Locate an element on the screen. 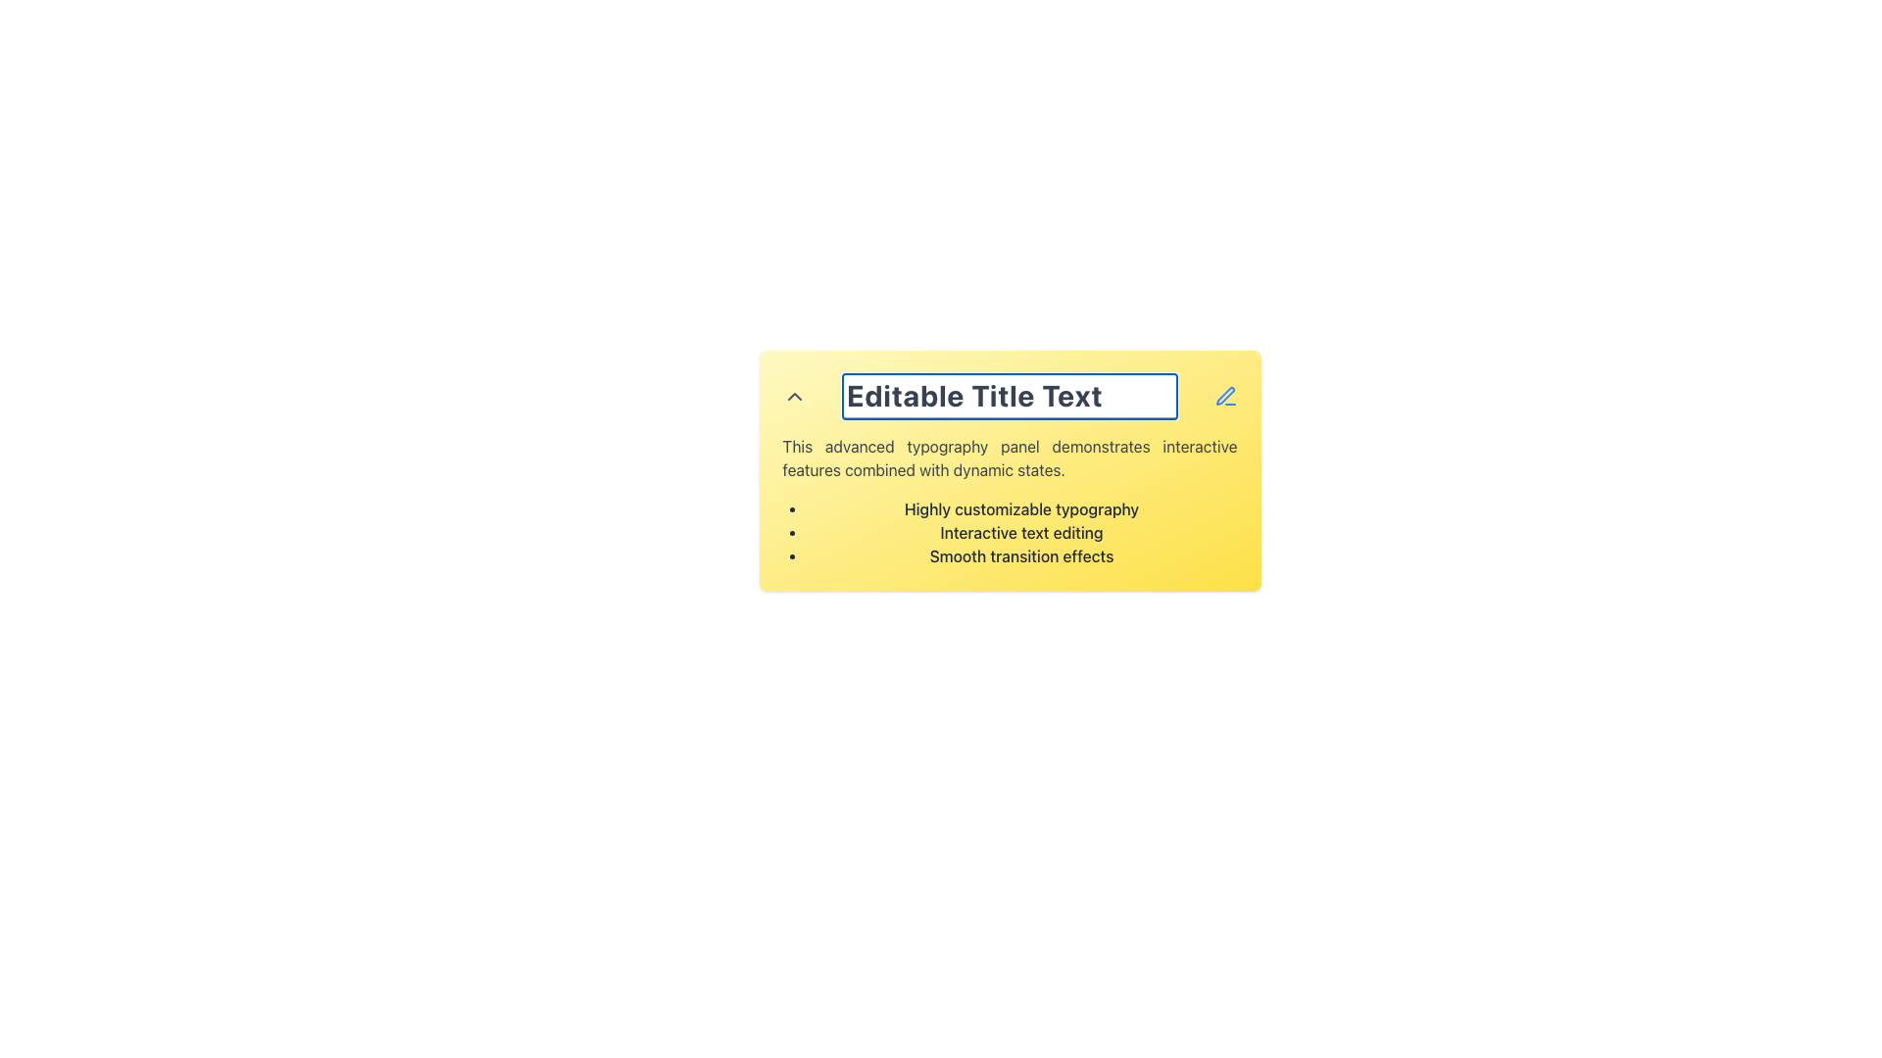  the small, blue pen-like icon located near the upper right corner of the yellow rectangular panel, adjacent to the 'Editable Title Text' input field is located at coordinates (1223, 396).